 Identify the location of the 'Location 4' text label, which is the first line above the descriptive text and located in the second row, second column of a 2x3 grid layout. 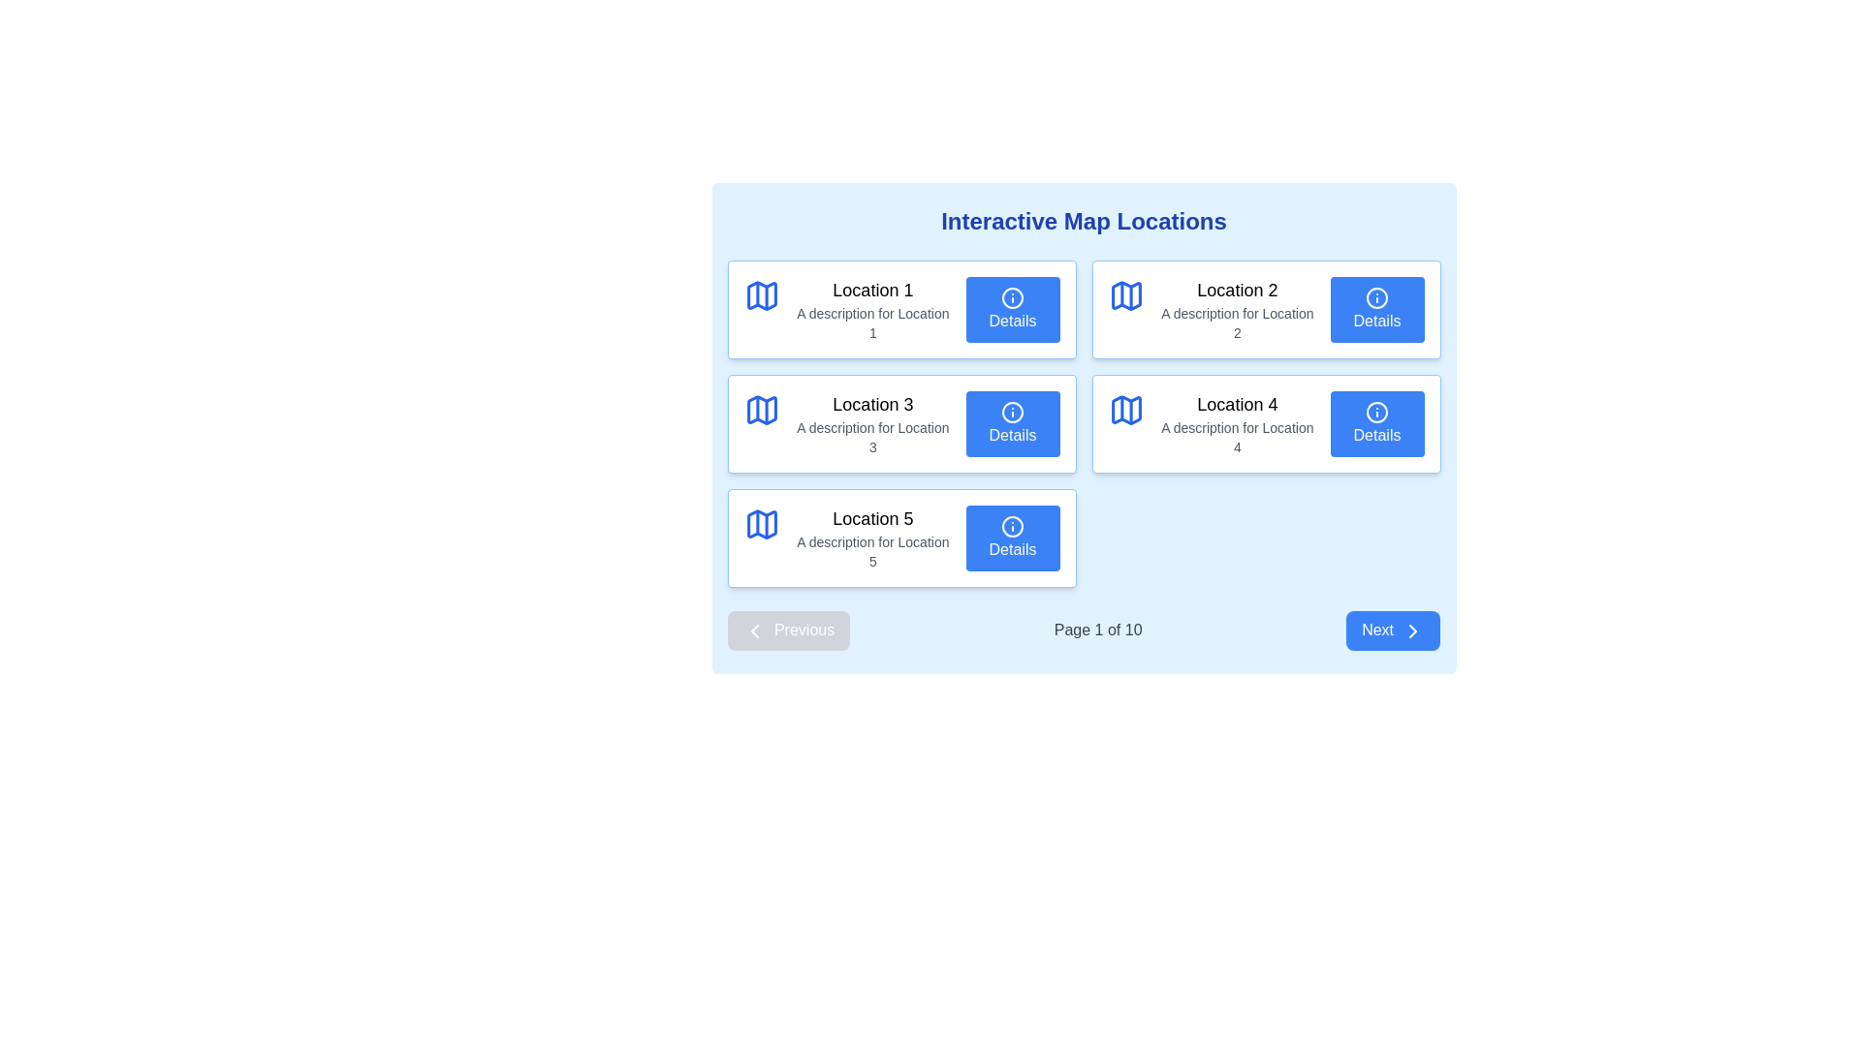
(1236, 403).